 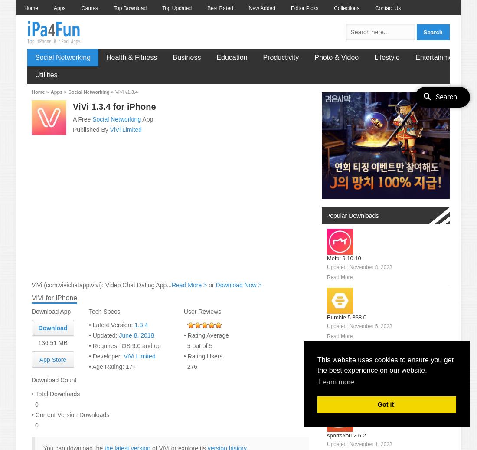 What do you see at coordinates (327, 444) in the screenshot?
I see `'Updated: November 1, 2023'` at bounding box center [327, 444].